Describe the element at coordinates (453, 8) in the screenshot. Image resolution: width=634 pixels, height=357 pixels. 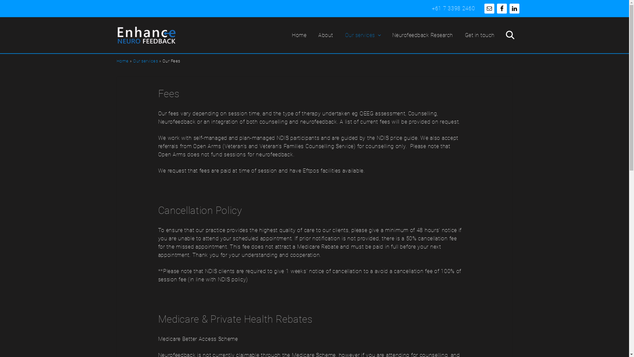
I see `'+61 7 3398 2460'` at that location.